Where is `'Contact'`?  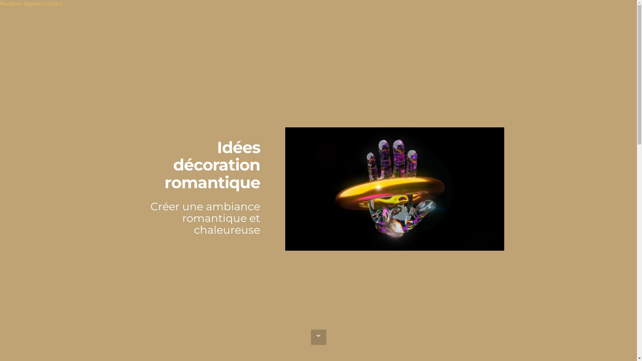
'Contact' is located at coordinates (52, 4).